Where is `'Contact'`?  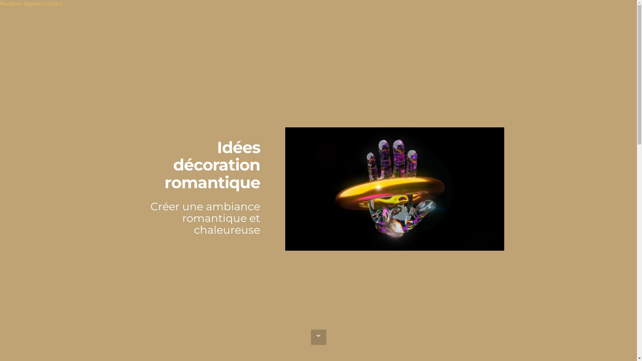
'Contact' is located at coordinates (52, 4).